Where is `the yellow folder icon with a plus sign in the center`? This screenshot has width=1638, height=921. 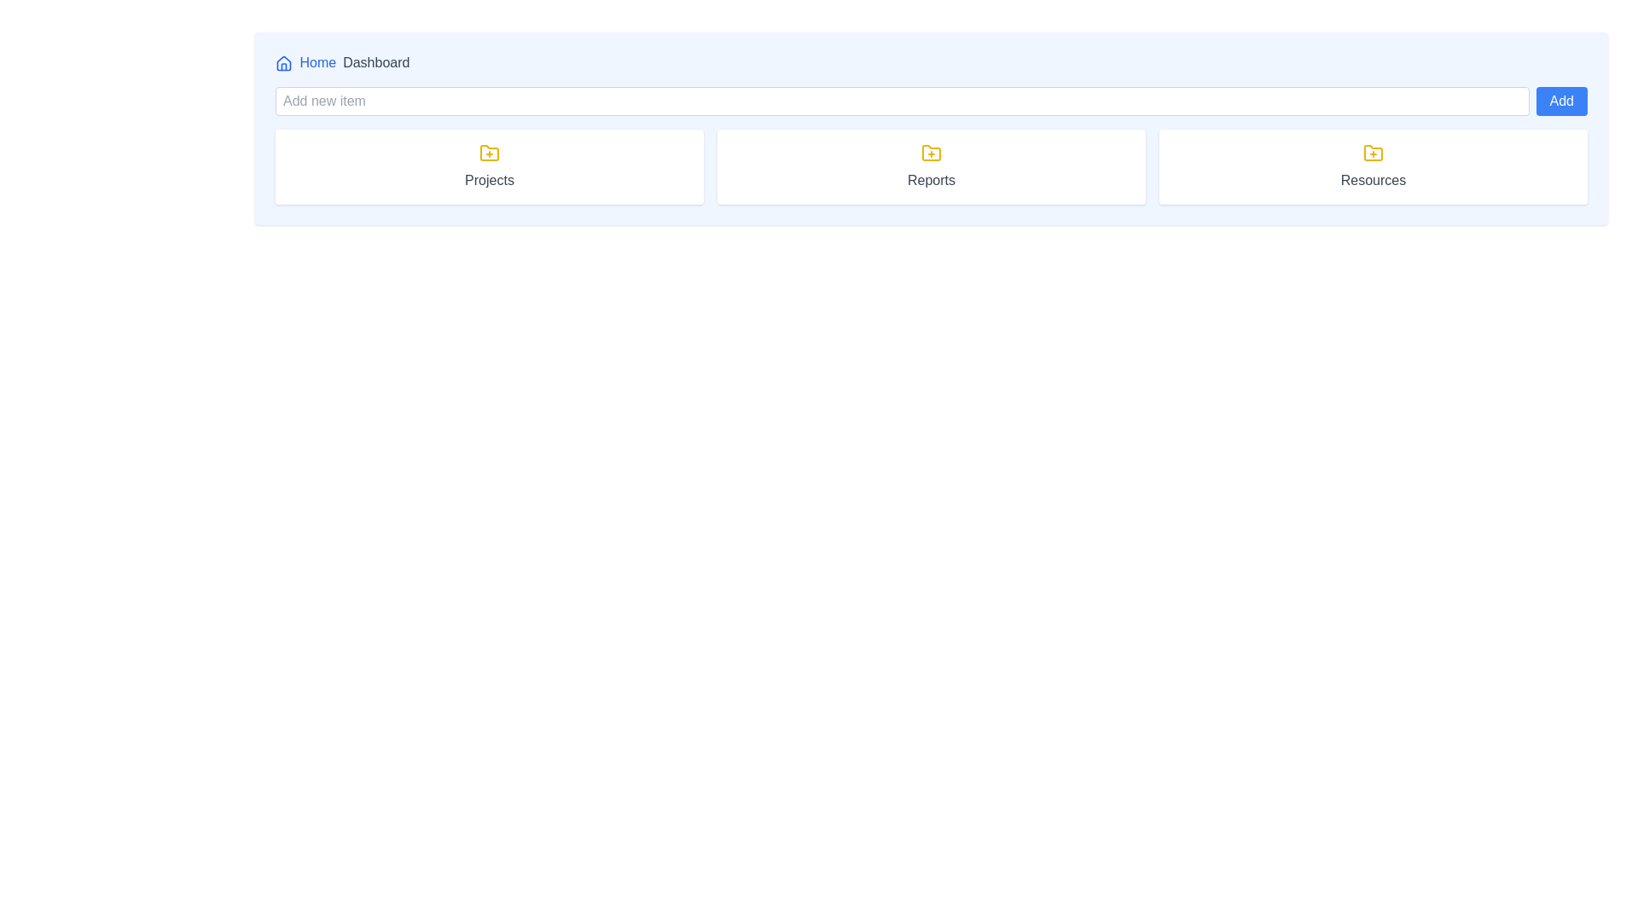 the yellow folder icon with a plus sign in the center is located at coordinates (930, 152).